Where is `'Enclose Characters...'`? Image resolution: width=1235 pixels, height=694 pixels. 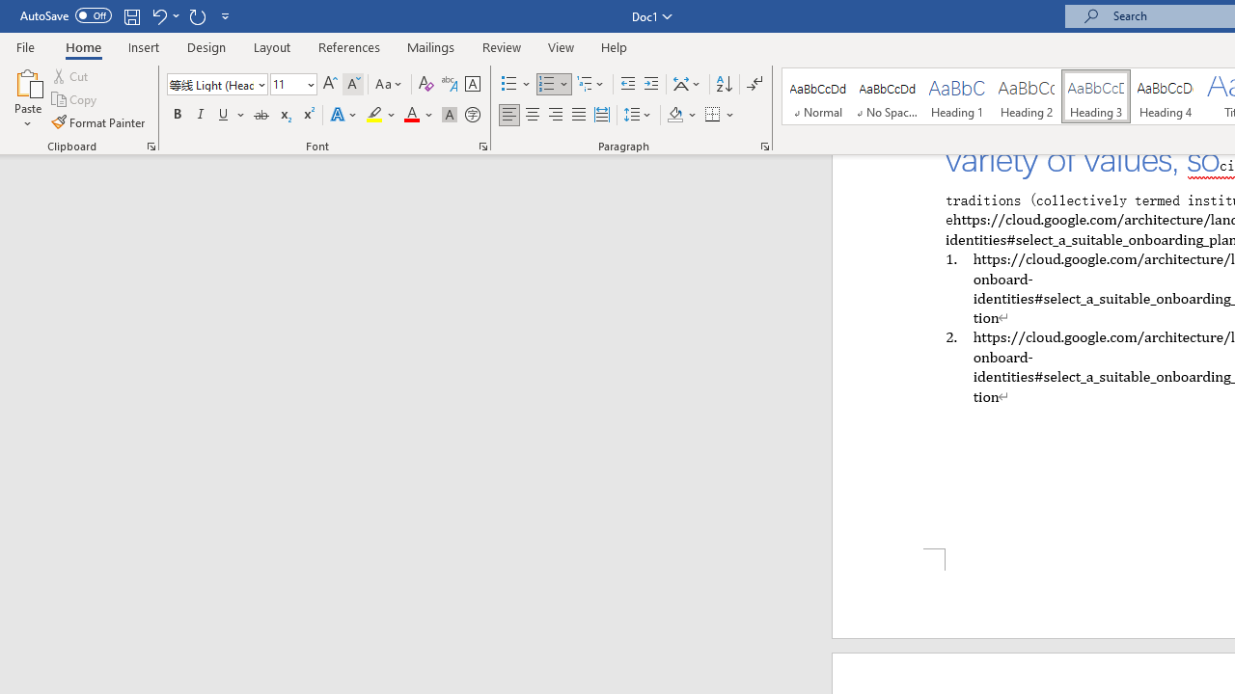
'Enclose Characters...' is located at coordinates (472, 115).